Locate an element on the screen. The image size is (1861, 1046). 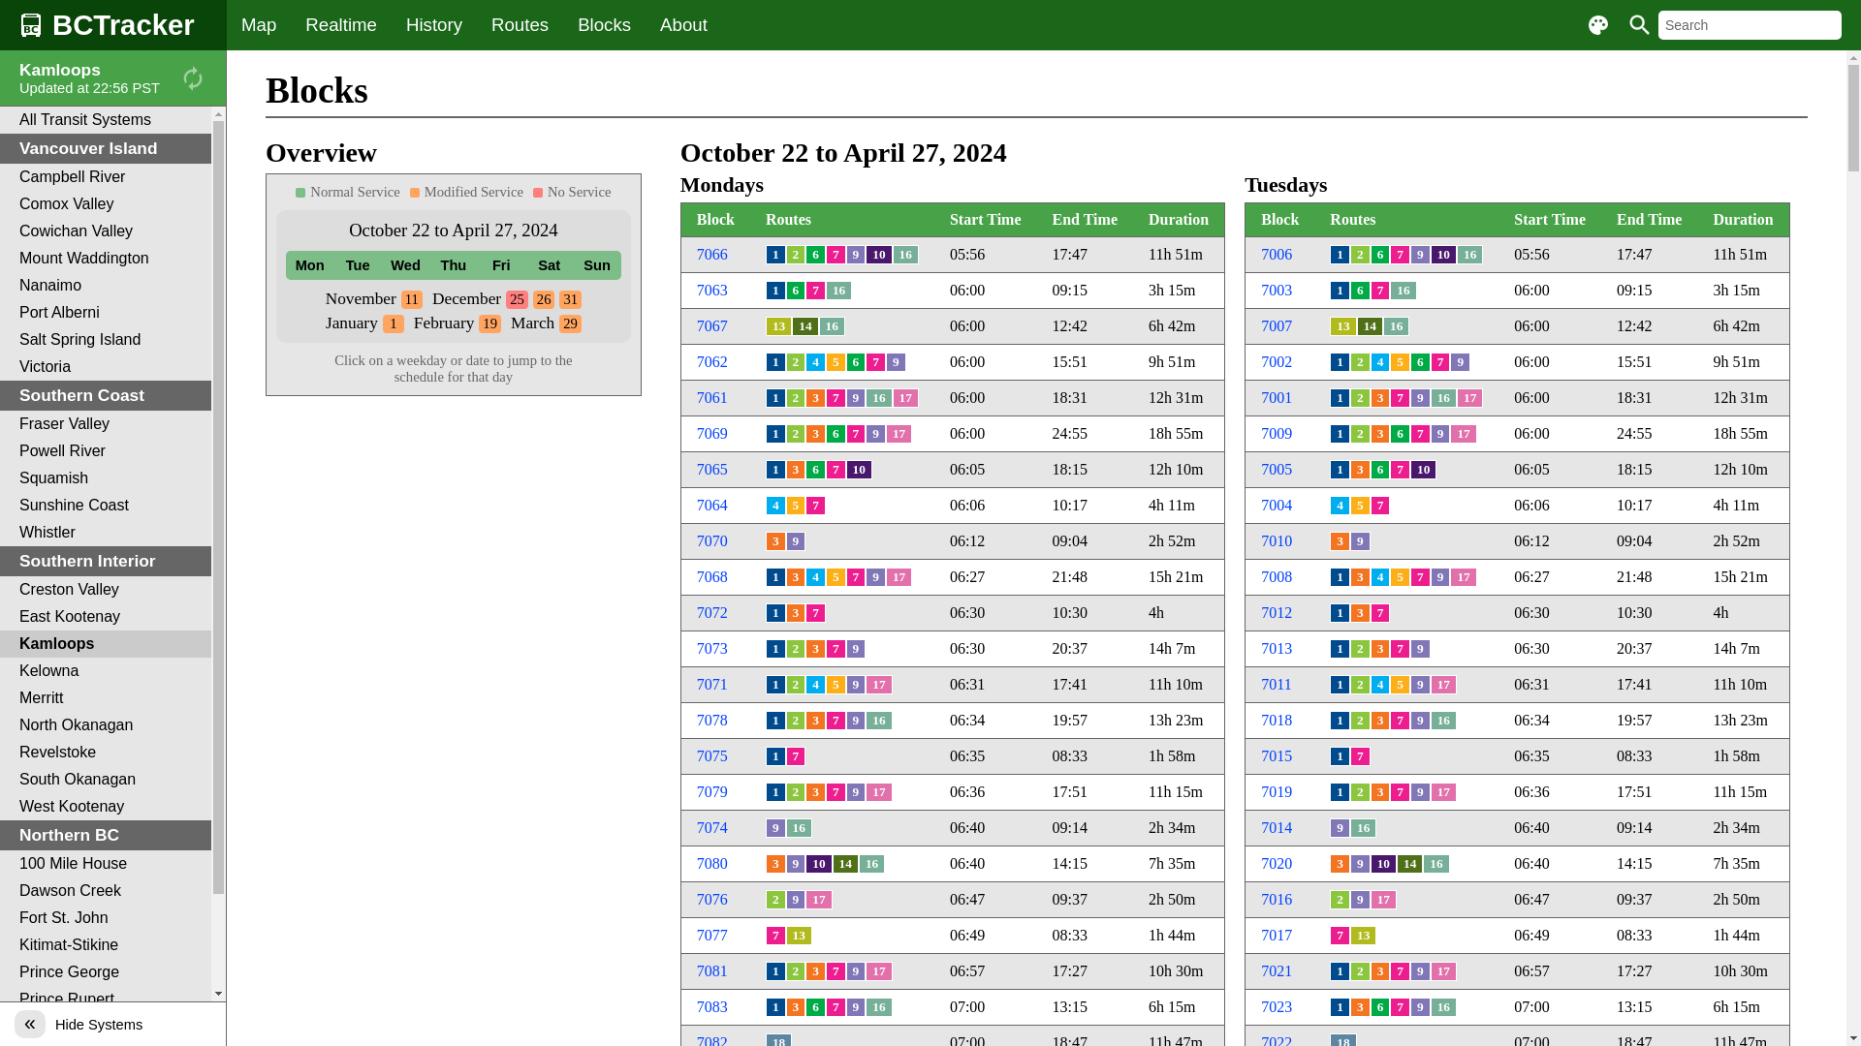
'14' is located at coordinates (1409, 862).